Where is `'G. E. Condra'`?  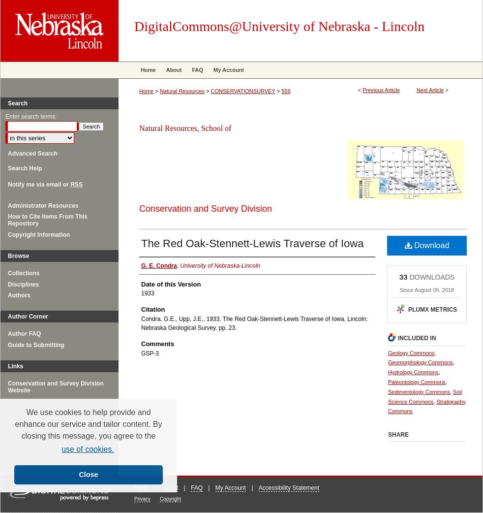
'G. E. Condra' is located at coordinates (141, 265).